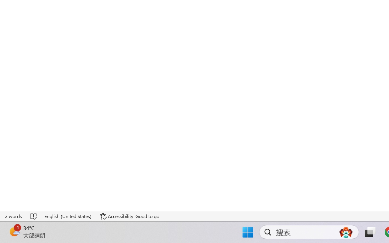  What do you see at coordinates (14, 216) in the screenshot?
I see `'Word Count 2 words'` at bounding box center [14, 216].